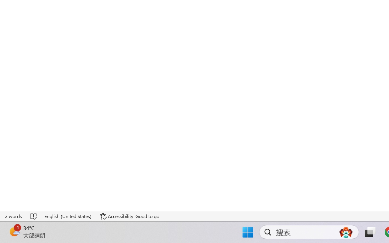  What do you see at coordinates (14, 216) in the screenshot?
I see `'Word Count 2 words'` at bounding box center [14, 216].